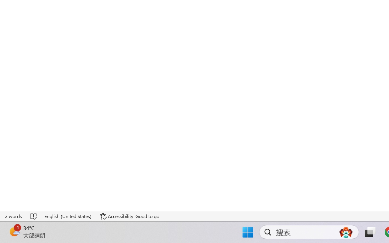  What do you see at coordinates (14, 216) in the screenshot?
I see `'Word Count 2 words'` at bounding box center [14, 216].